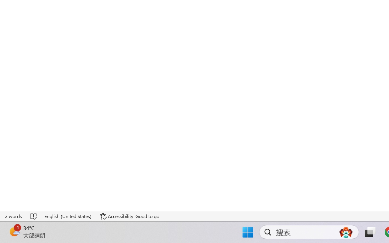  What do you see at coordinates (14, 216) in the screenshot?
I see `'Word Count 2 words'` at bounding box center [14, 216].